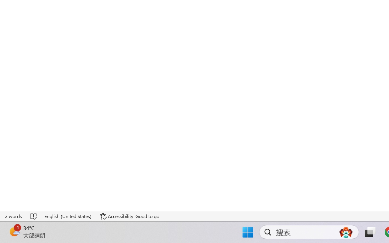  What do you see at coordinates (14, 216) in the screenshot?
I see `'Word Count 2 words'` at bounding box center [14, 216].